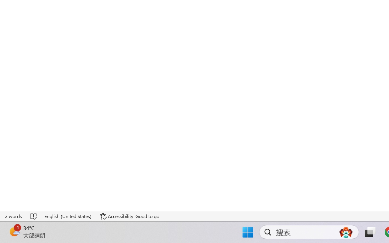  What do you see at coordinates (14, 216) in the screenshot?
I see `'Word Count 2 words'` at bounding box center [14, 216].